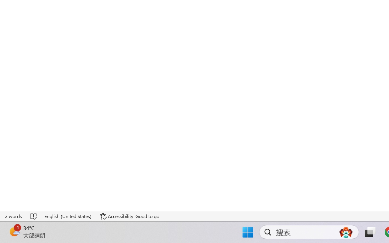  What do you see at coordinates (14, 216) in the screenshot?
I see `'Word Count 2 words'` at bounding box center [14, 216].